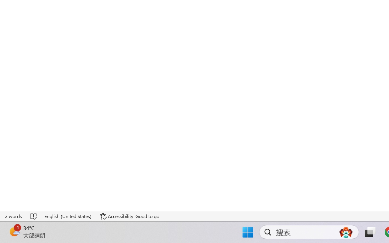  What do you see at coordinates (14, 216) in the screenshot?
I see `'Word Count 2 words'` at bounding box center [14, 216].